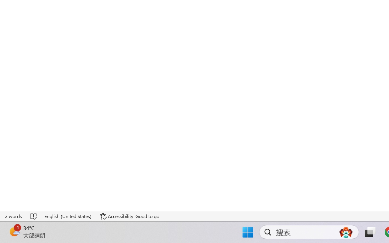  What do you see at coordinates (14, 216) in the screenshot?
I see `'Word Count 2 words'` at bounding box center [14, 216].